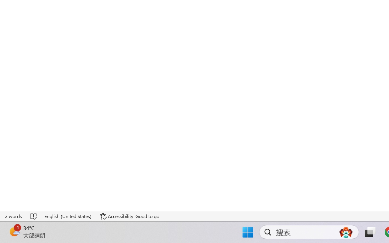  What do you see at coordinates (14, 216) in the screenshot?
I see `'Word Count 2 words'` at bounding box center [14, 216].